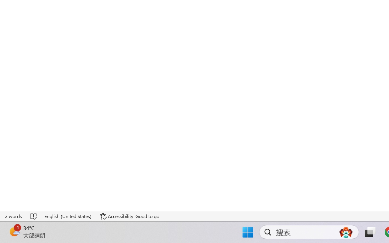  What do you see at coordinates (14, 216) in the screenshot?
I see `'Word Count 2 words'` at bounding box center [14, 216].